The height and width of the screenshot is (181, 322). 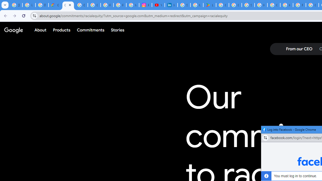 What do you see at coordinates (90, 30) in the screenshot?
I see `'Commitments'` at bounding box center [90, 30].